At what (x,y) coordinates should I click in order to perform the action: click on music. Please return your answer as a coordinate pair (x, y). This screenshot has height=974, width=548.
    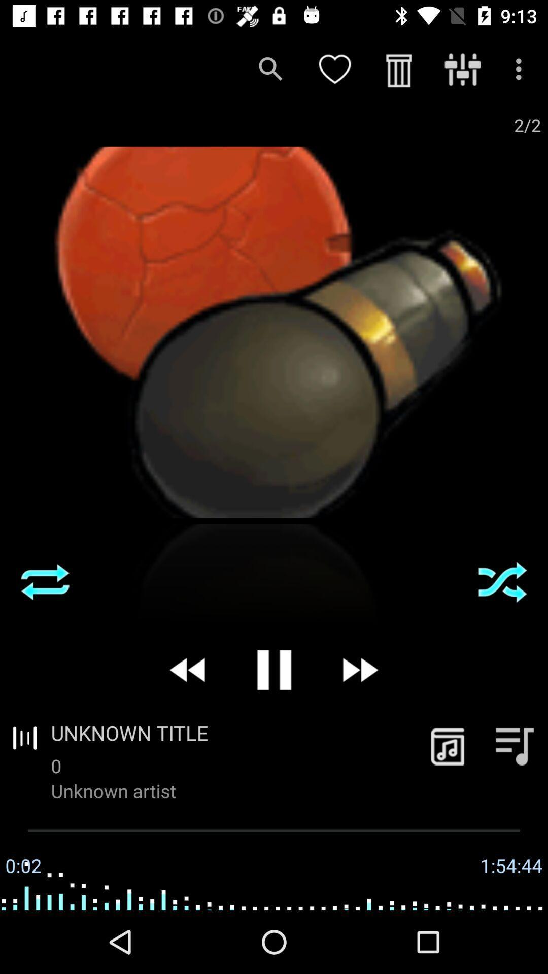
    Looking at the image, I should click on (447, 746).